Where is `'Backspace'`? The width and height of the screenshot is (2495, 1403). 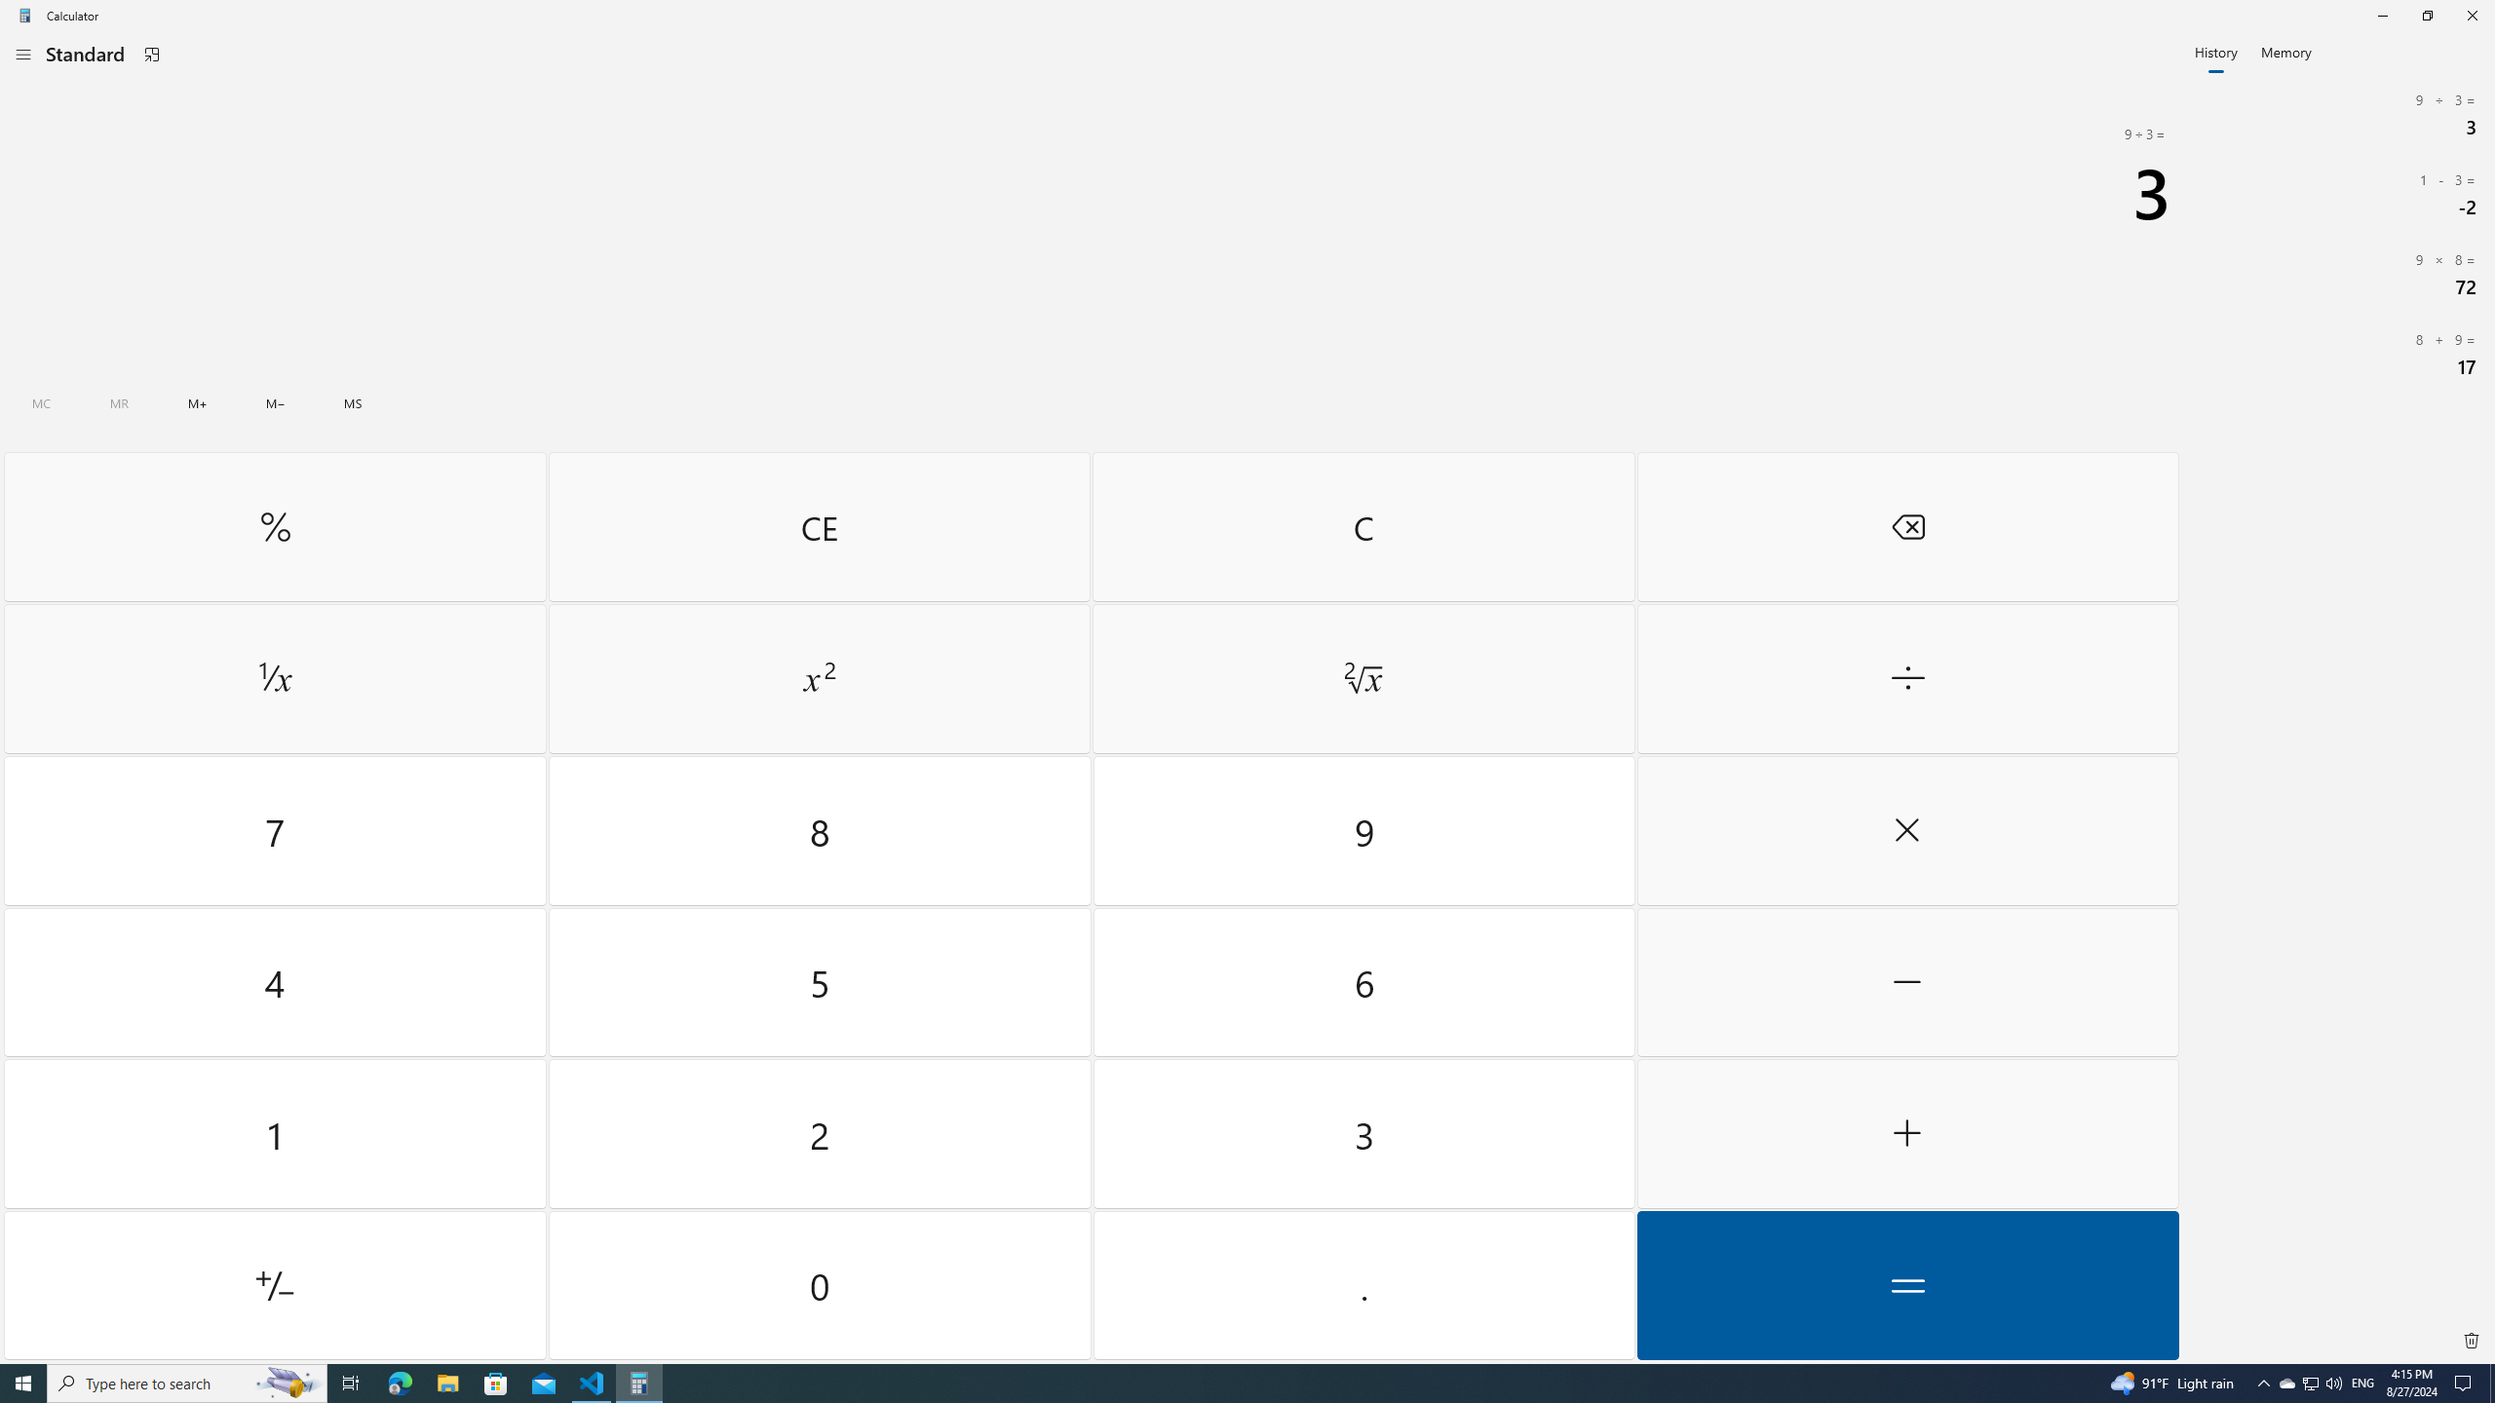 'Backspace' is located at coordinates (1906, 526).